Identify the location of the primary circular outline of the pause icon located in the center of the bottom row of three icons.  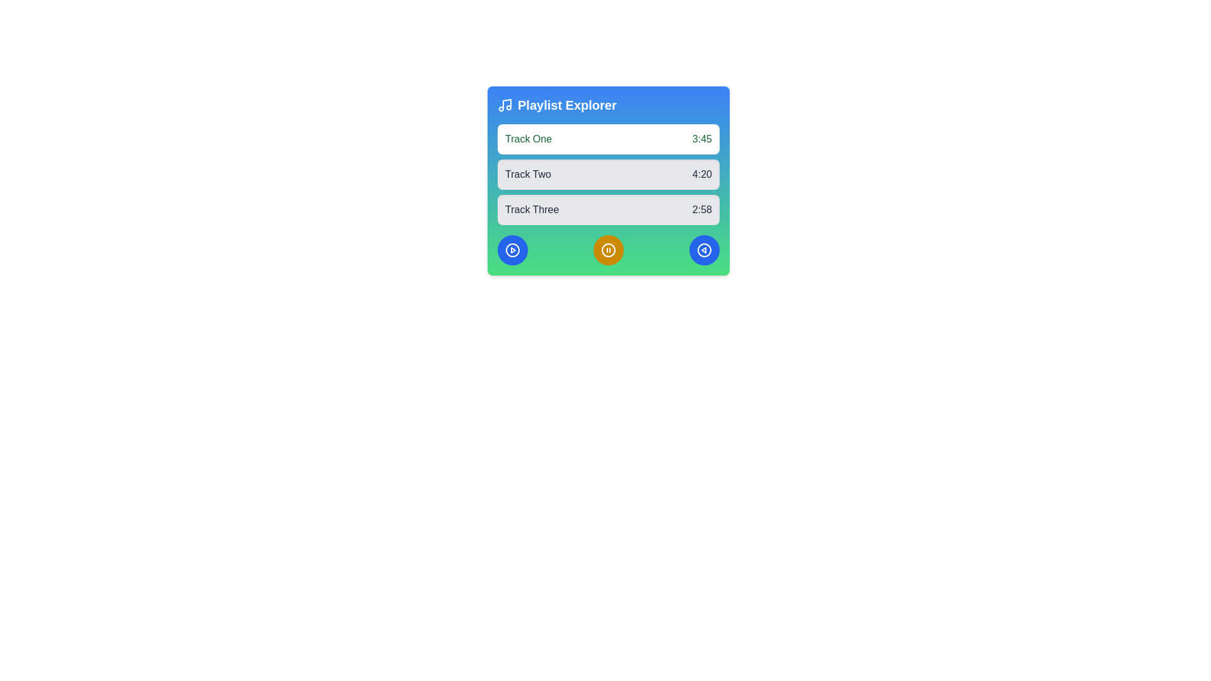
(608, 250).